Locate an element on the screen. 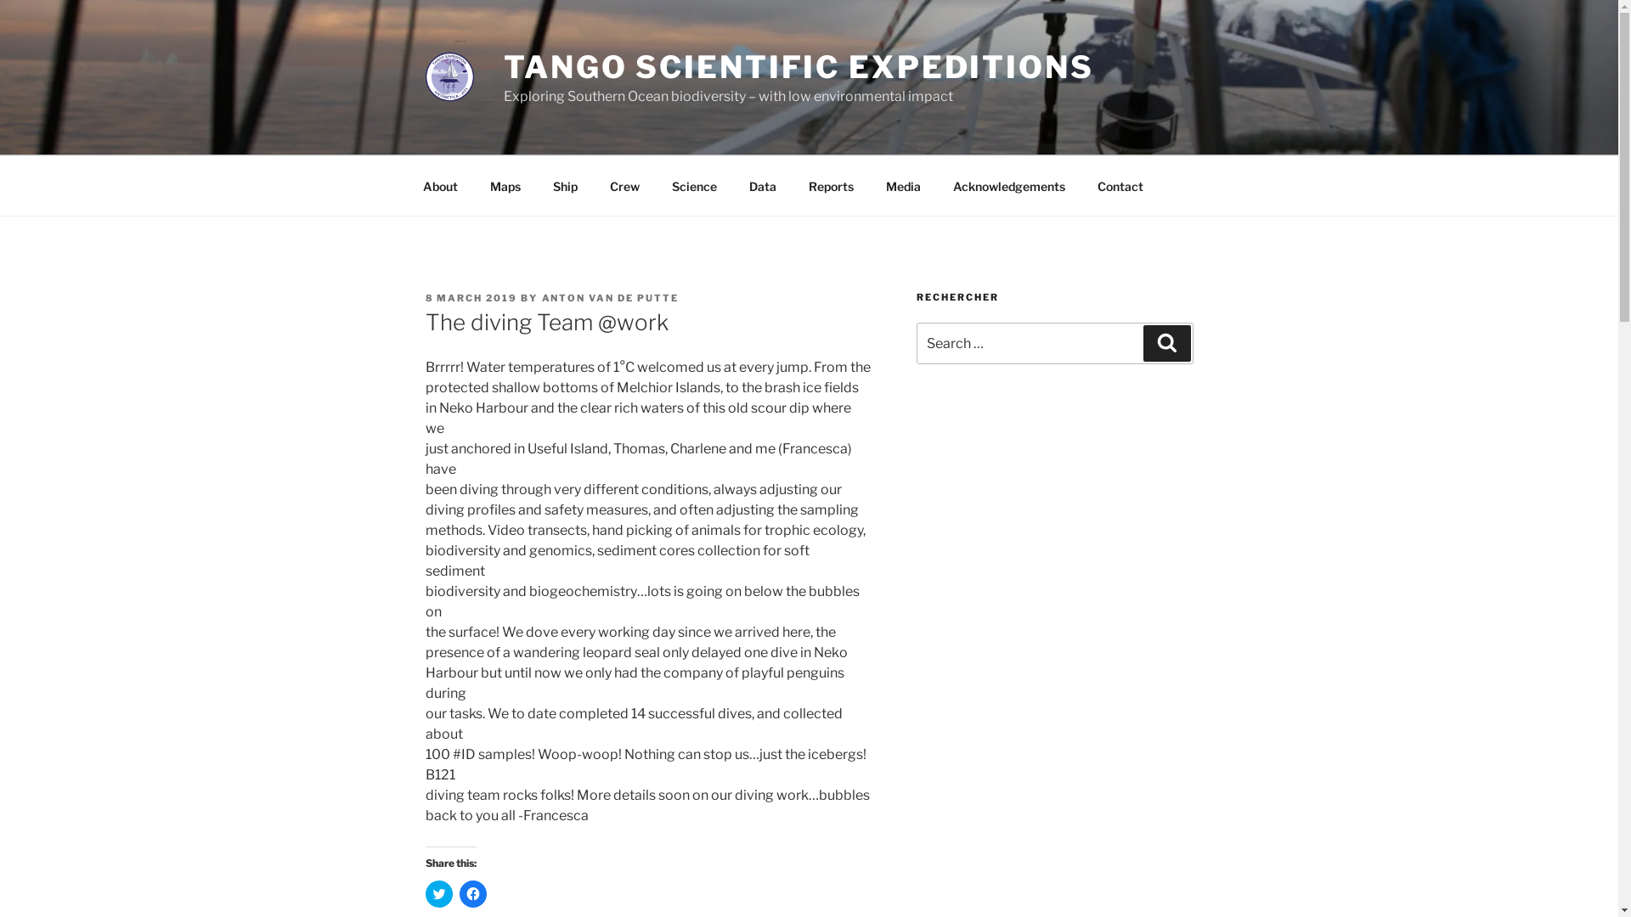 The height and width of the screenshot is (917, 1631). 'Click to share on Facebook (Opens in new window)' is located at coordinates (472, 893).